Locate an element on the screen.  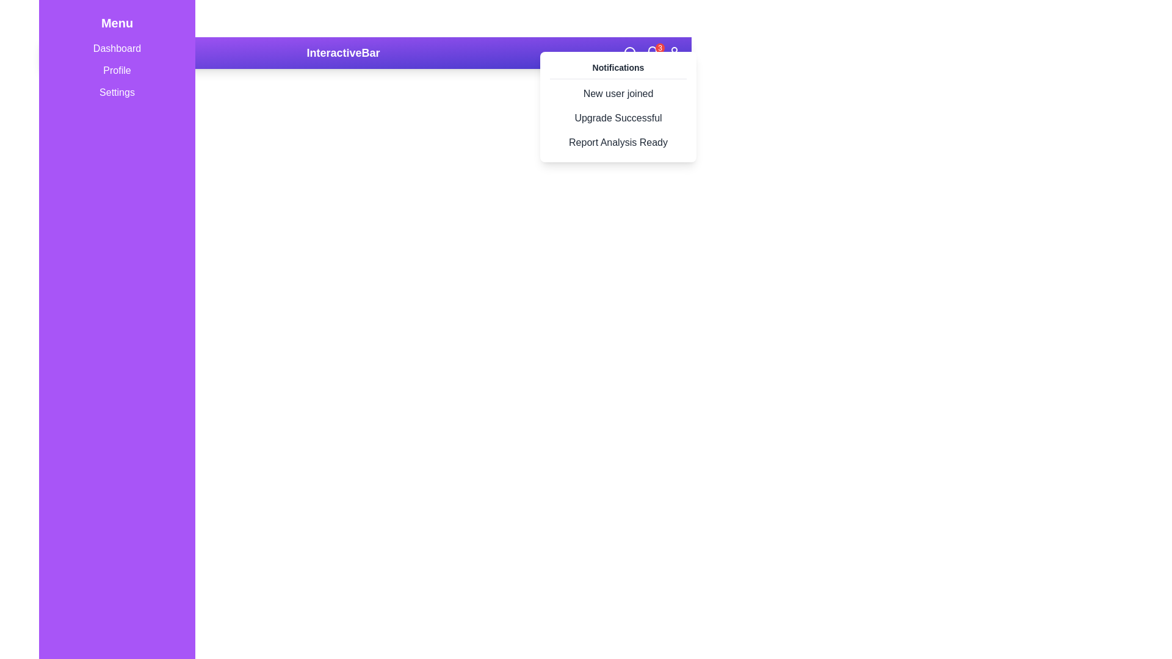
the 'Profile' menu item, which is styled with a purple background and white text, located in the sidebar menu as the second item below 'Dashboard' is located at coordinates (117, 70).